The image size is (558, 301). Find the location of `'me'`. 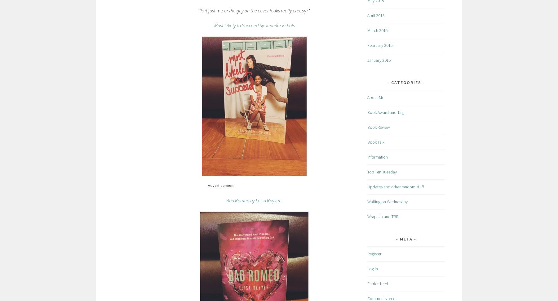

'me' is located at coordinates (219, 10).